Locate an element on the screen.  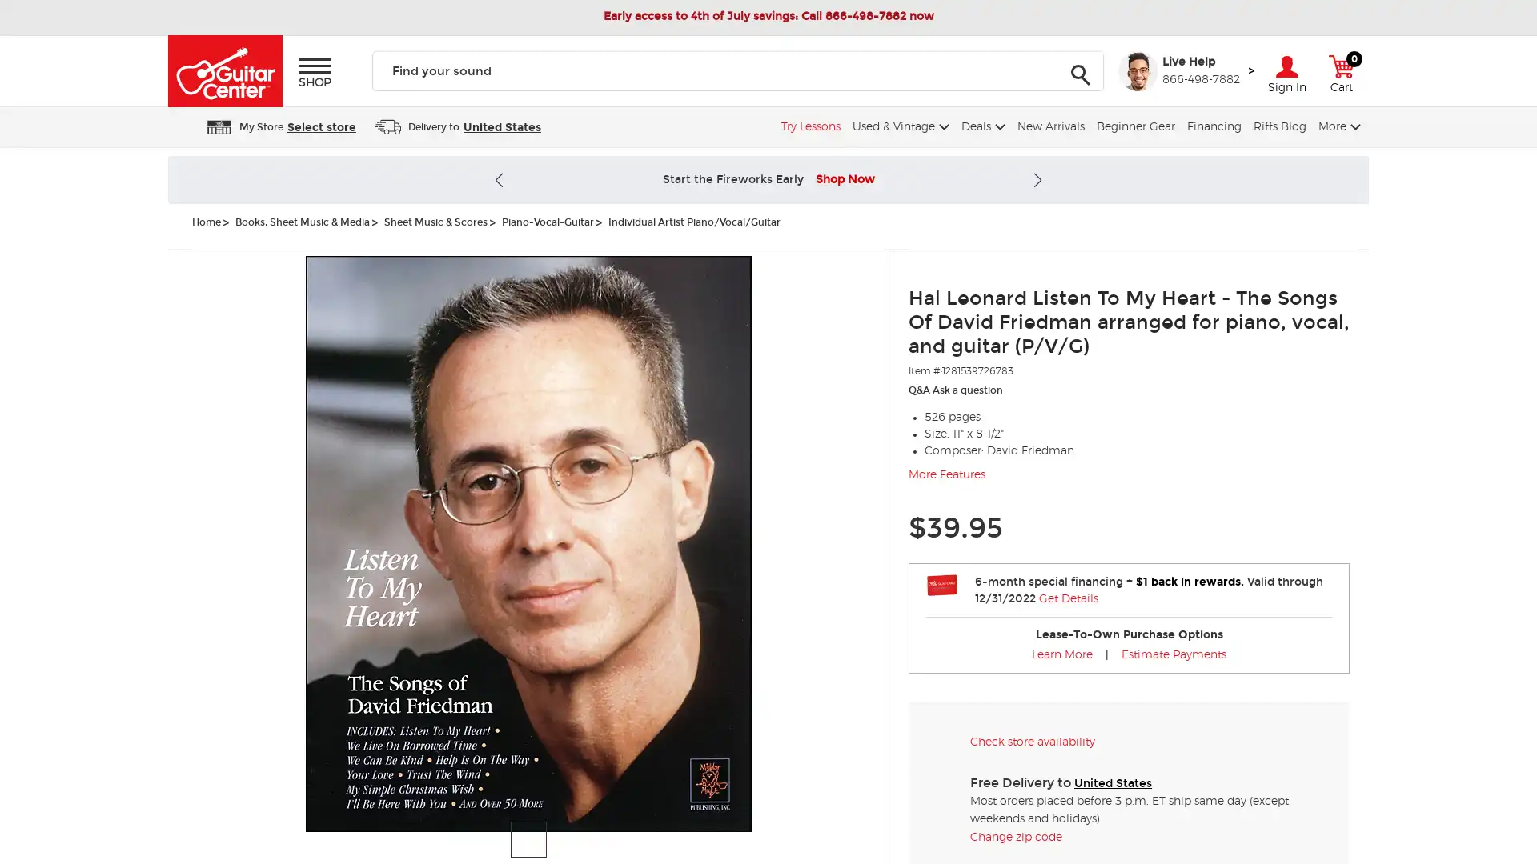
Beginner Gear is located at coordinates (1133, 126).